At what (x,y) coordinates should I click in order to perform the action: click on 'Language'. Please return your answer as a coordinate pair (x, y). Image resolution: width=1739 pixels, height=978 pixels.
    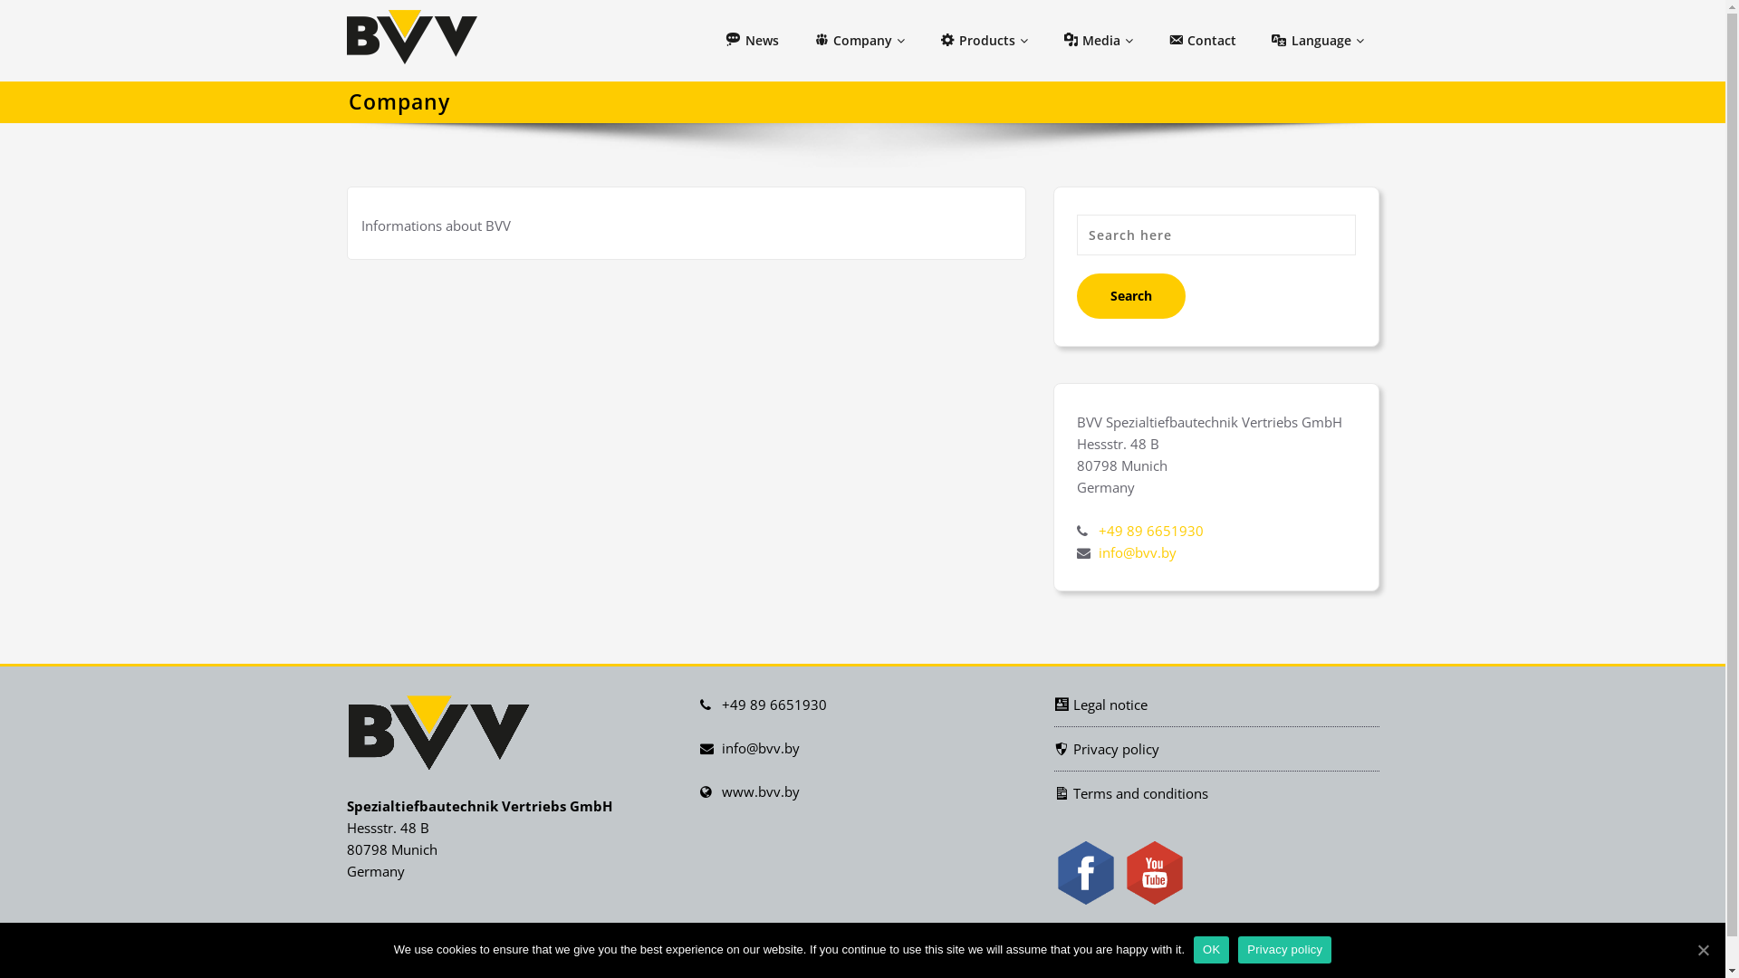
    Looking at the image, I should click on (1315, 41).